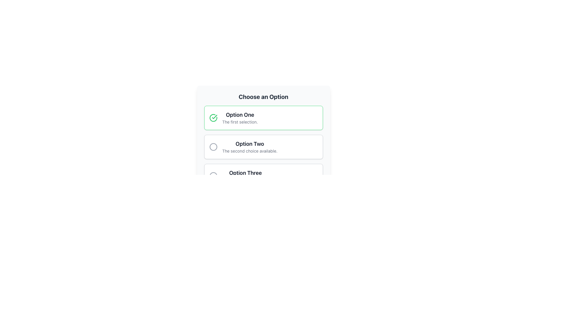  I want to click on the button-like selectable option labeled 'Option Two', so click(263, 140).